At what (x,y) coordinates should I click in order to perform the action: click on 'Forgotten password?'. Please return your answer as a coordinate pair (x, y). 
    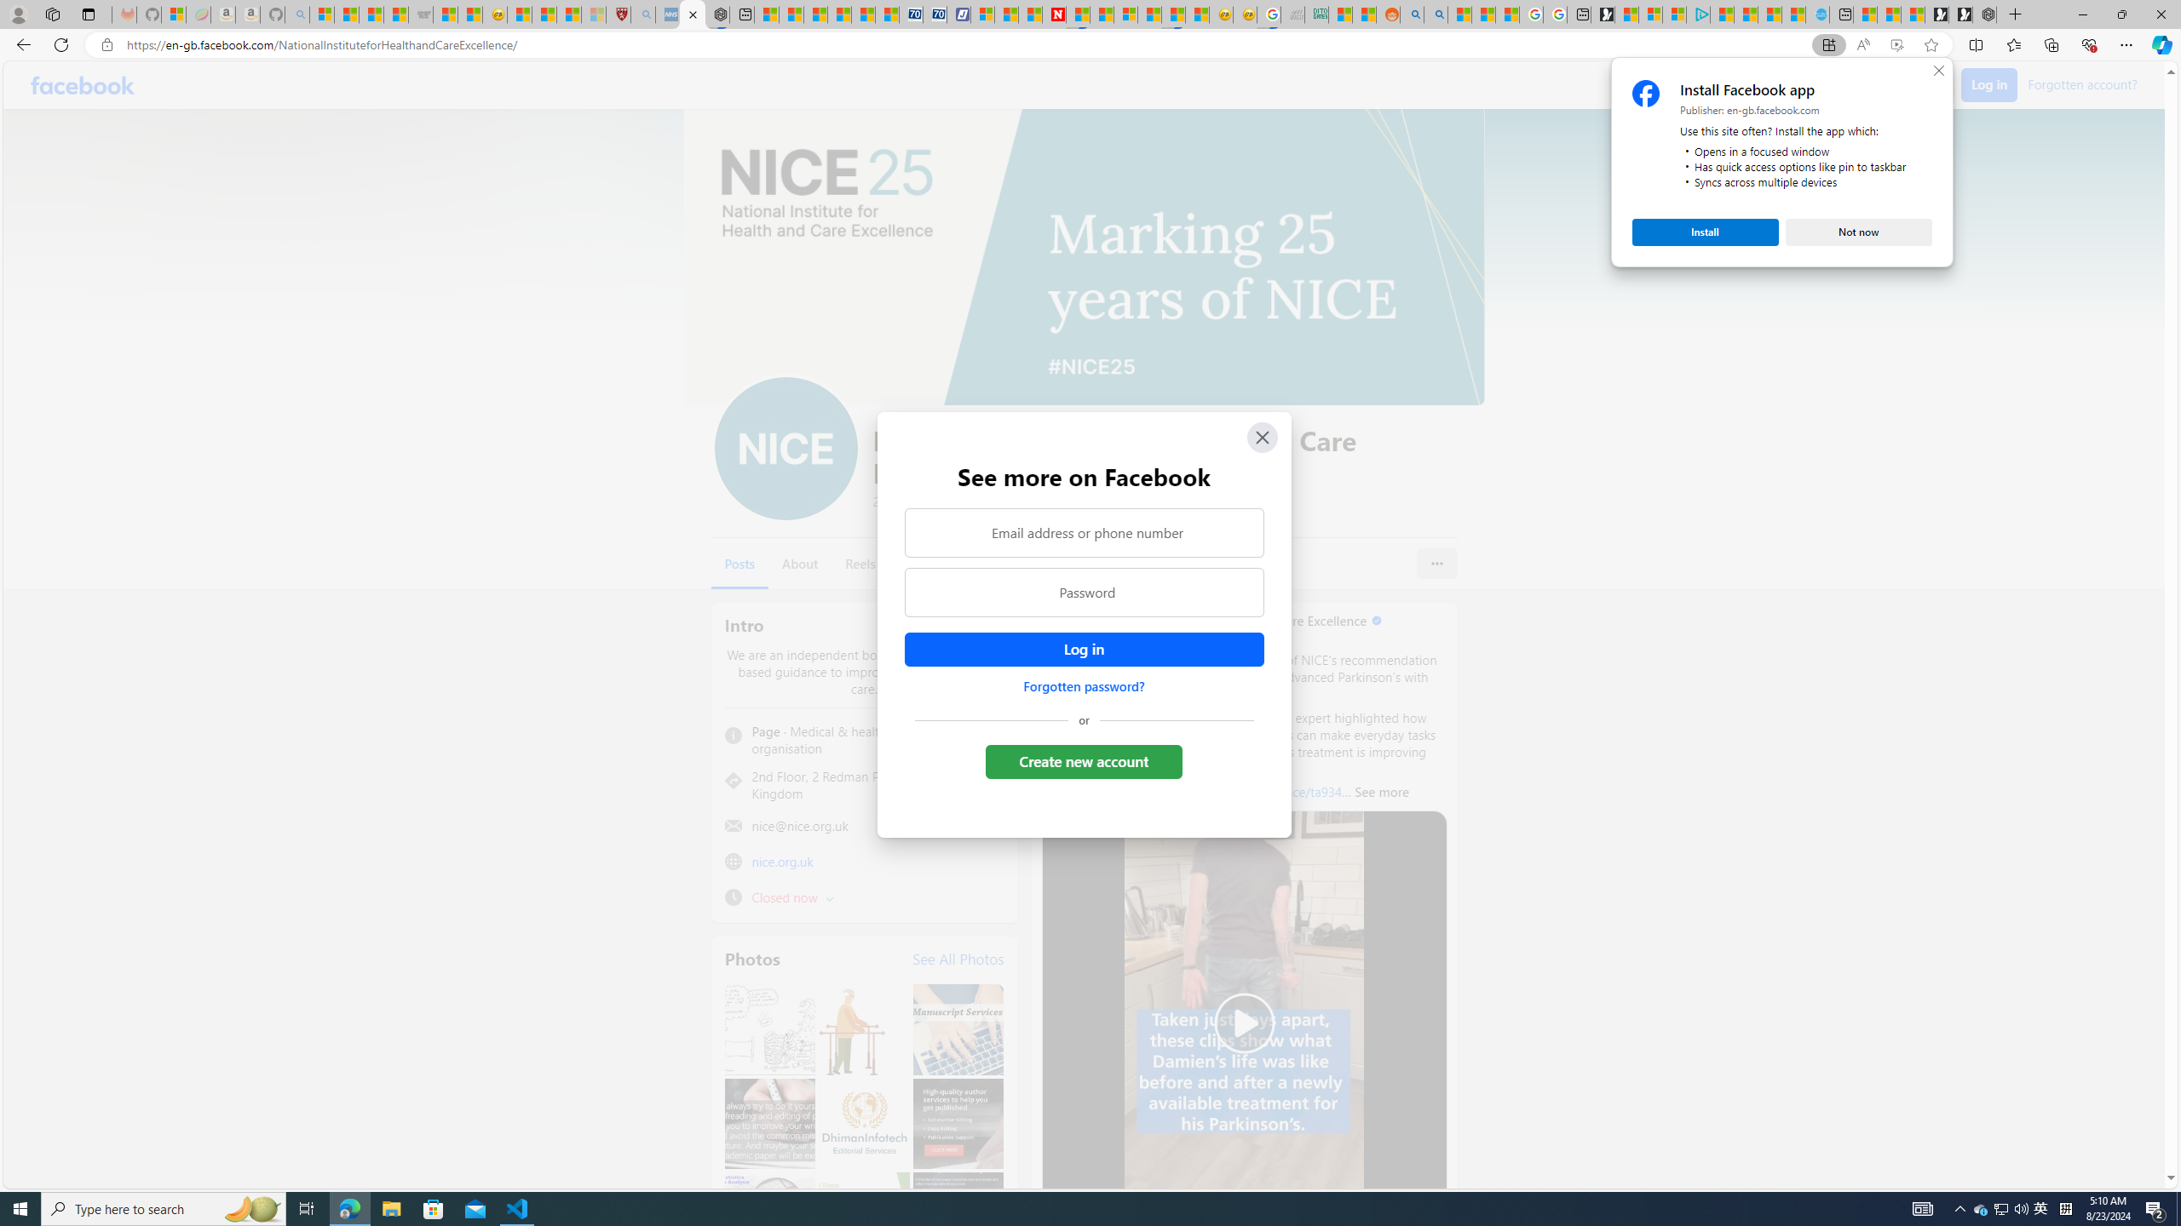
    Looking at the image, I should click on (1083, 685).